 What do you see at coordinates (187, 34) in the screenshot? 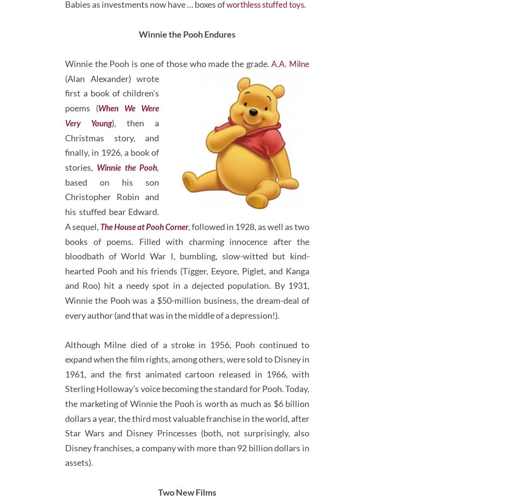
I see `'worthless stuffed toys'` at bounding box center [187, 34].